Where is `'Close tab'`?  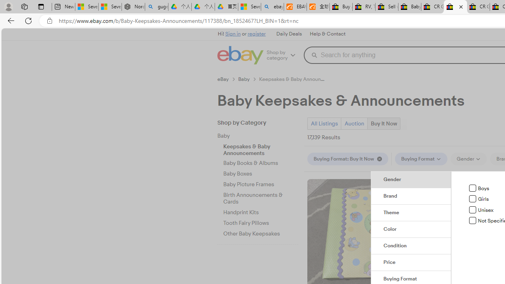 'Close tab' is located at coordinates (461, 7).